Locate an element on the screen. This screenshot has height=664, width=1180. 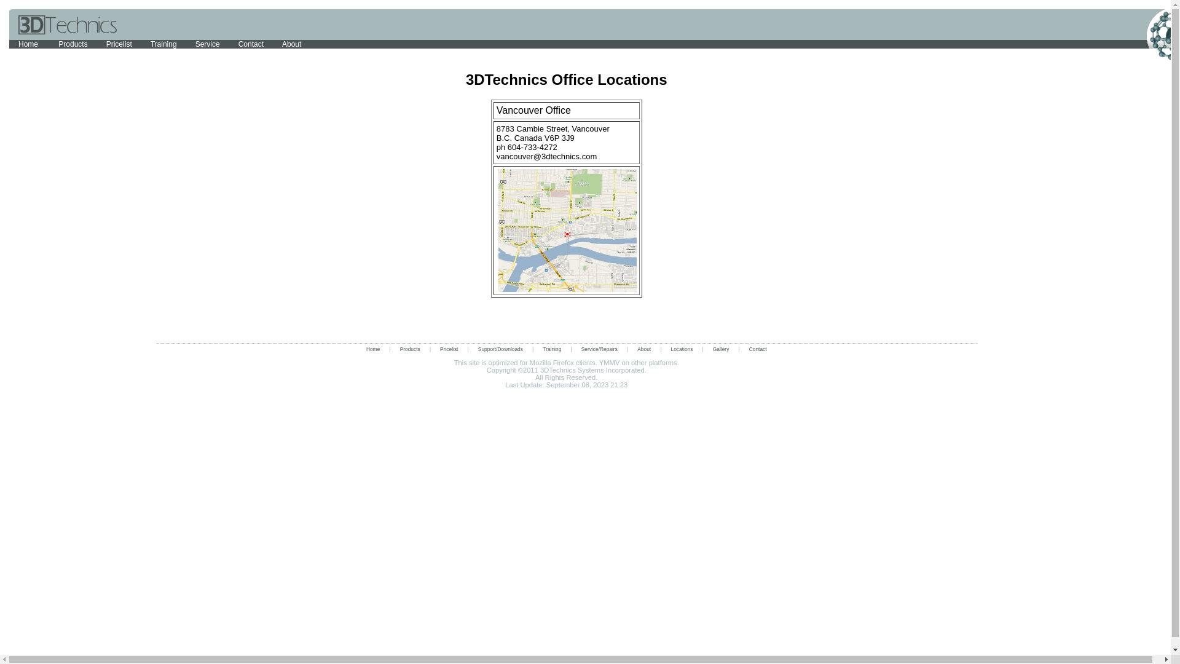
'Pricelist' is located at coordinates (448, 349).